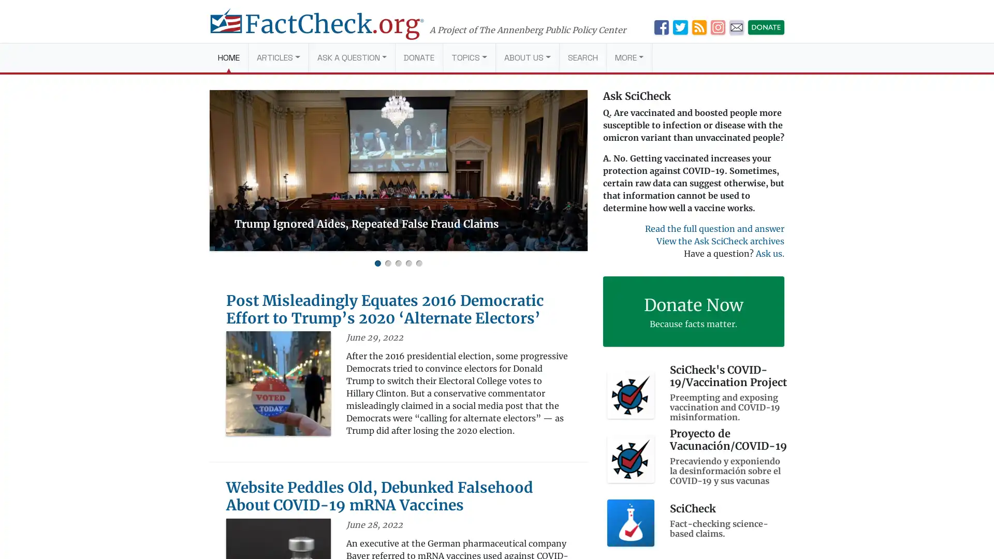  Describe the element at coordinates (576, 170) in the screenshot. I see `Next` at that location.